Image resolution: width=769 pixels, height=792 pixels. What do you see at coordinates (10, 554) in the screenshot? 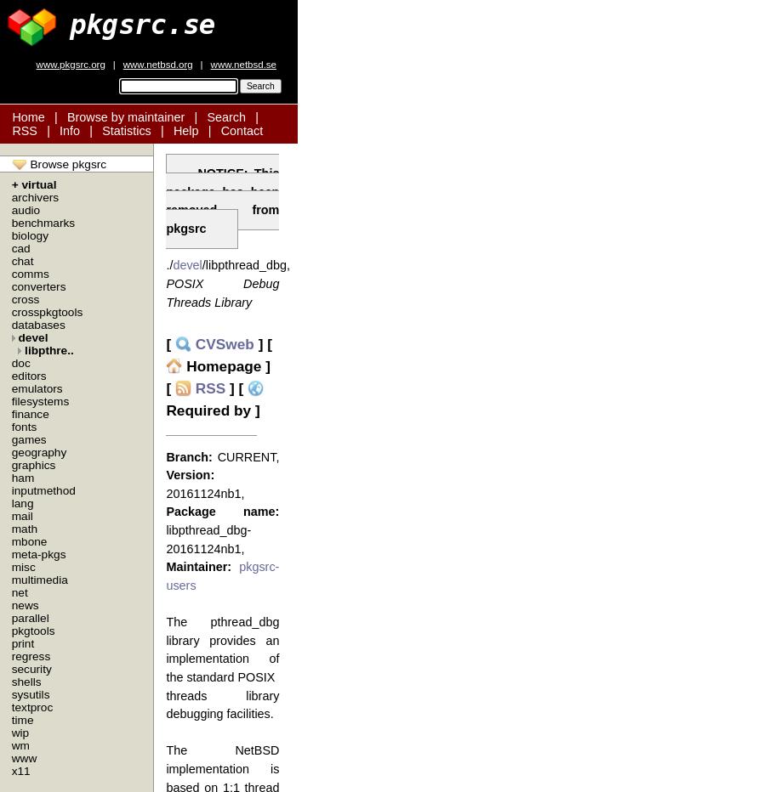
I see `'meta-pkgs'` at bounding box center [10, 554].